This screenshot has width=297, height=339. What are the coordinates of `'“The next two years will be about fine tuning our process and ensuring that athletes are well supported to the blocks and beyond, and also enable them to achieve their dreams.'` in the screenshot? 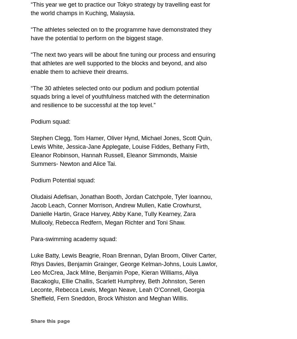 It's located at (123, 63).